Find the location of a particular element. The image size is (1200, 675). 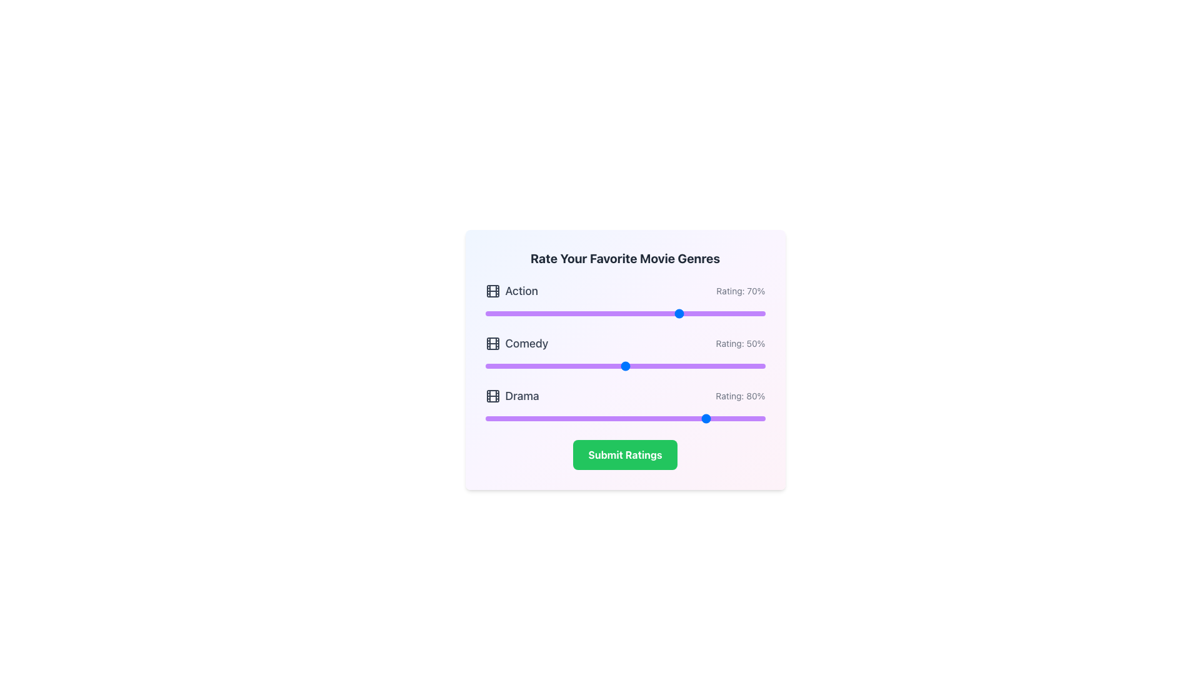

the slider is located at coordinates (720, 366).